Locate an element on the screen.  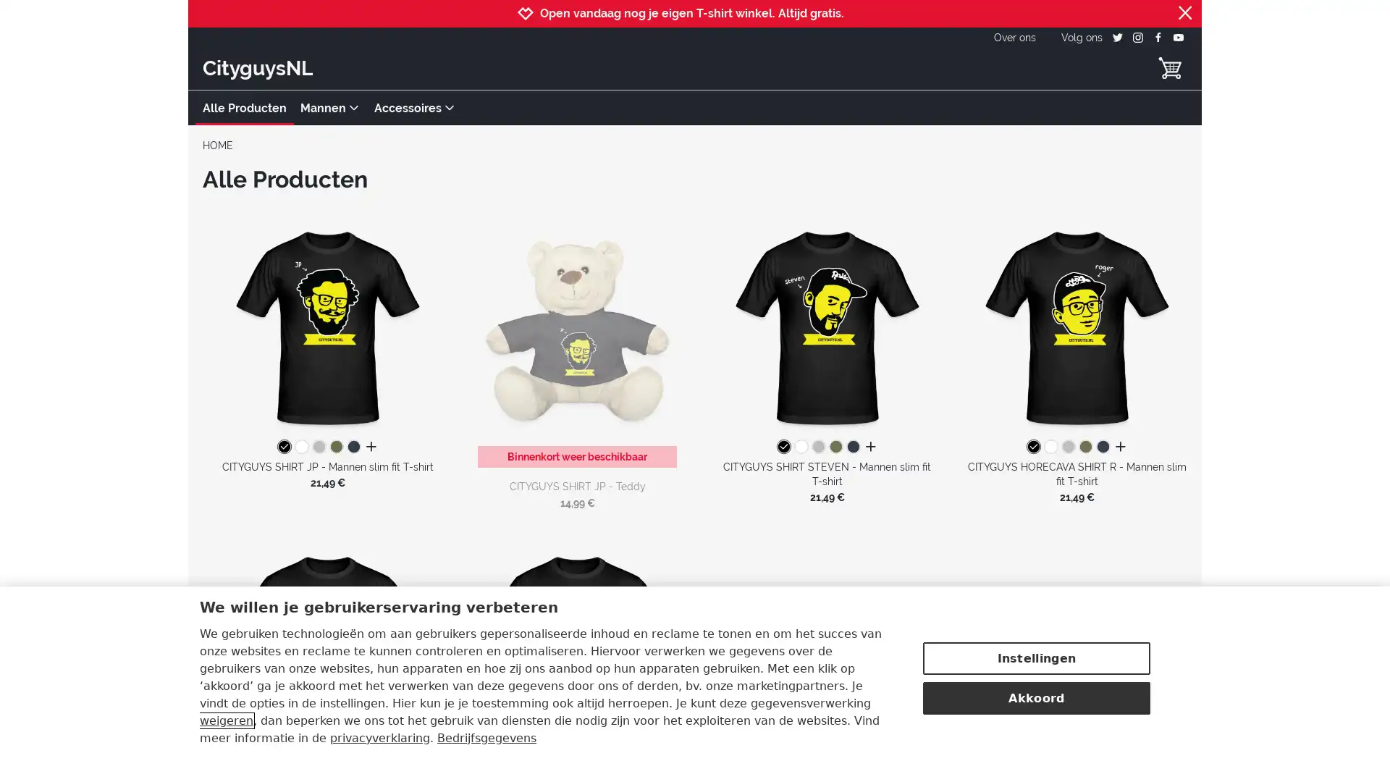
grijs gemeleerd is located at coordinates (318, 447).